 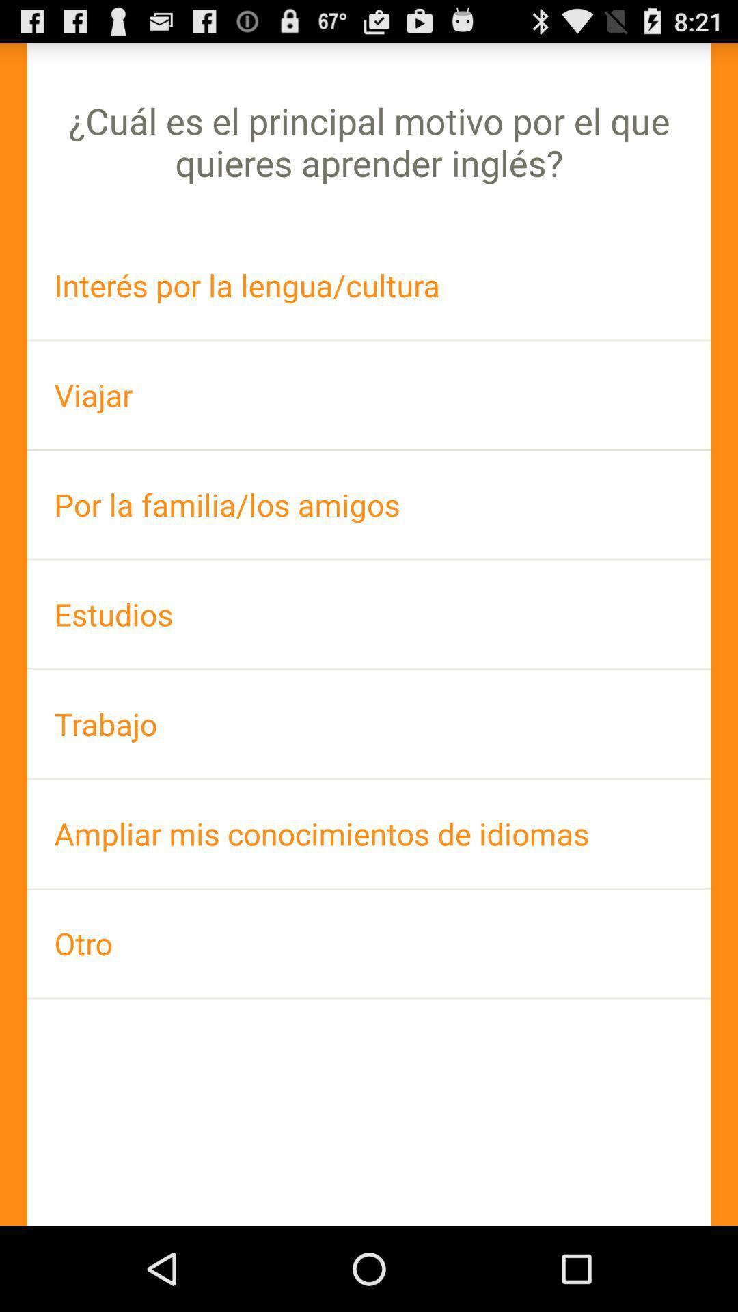 I want to click on the viajar app, so click(x=369, y=394).